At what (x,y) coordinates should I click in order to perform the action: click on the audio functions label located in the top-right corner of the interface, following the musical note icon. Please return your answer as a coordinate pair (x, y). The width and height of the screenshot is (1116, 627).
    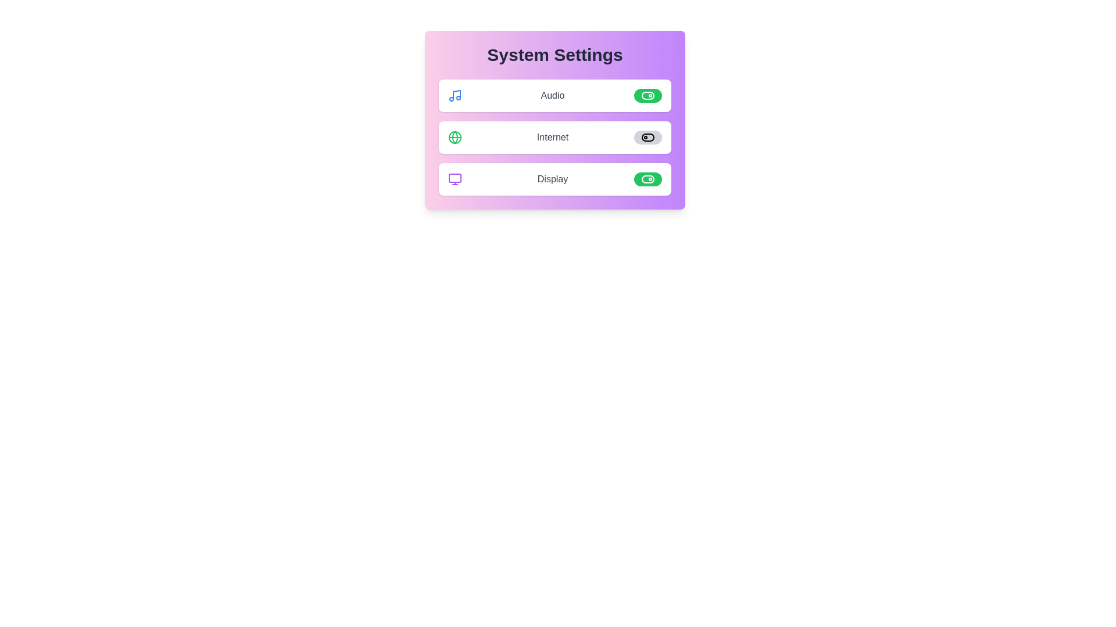
    Looking at the image, I should click on (552, 95).